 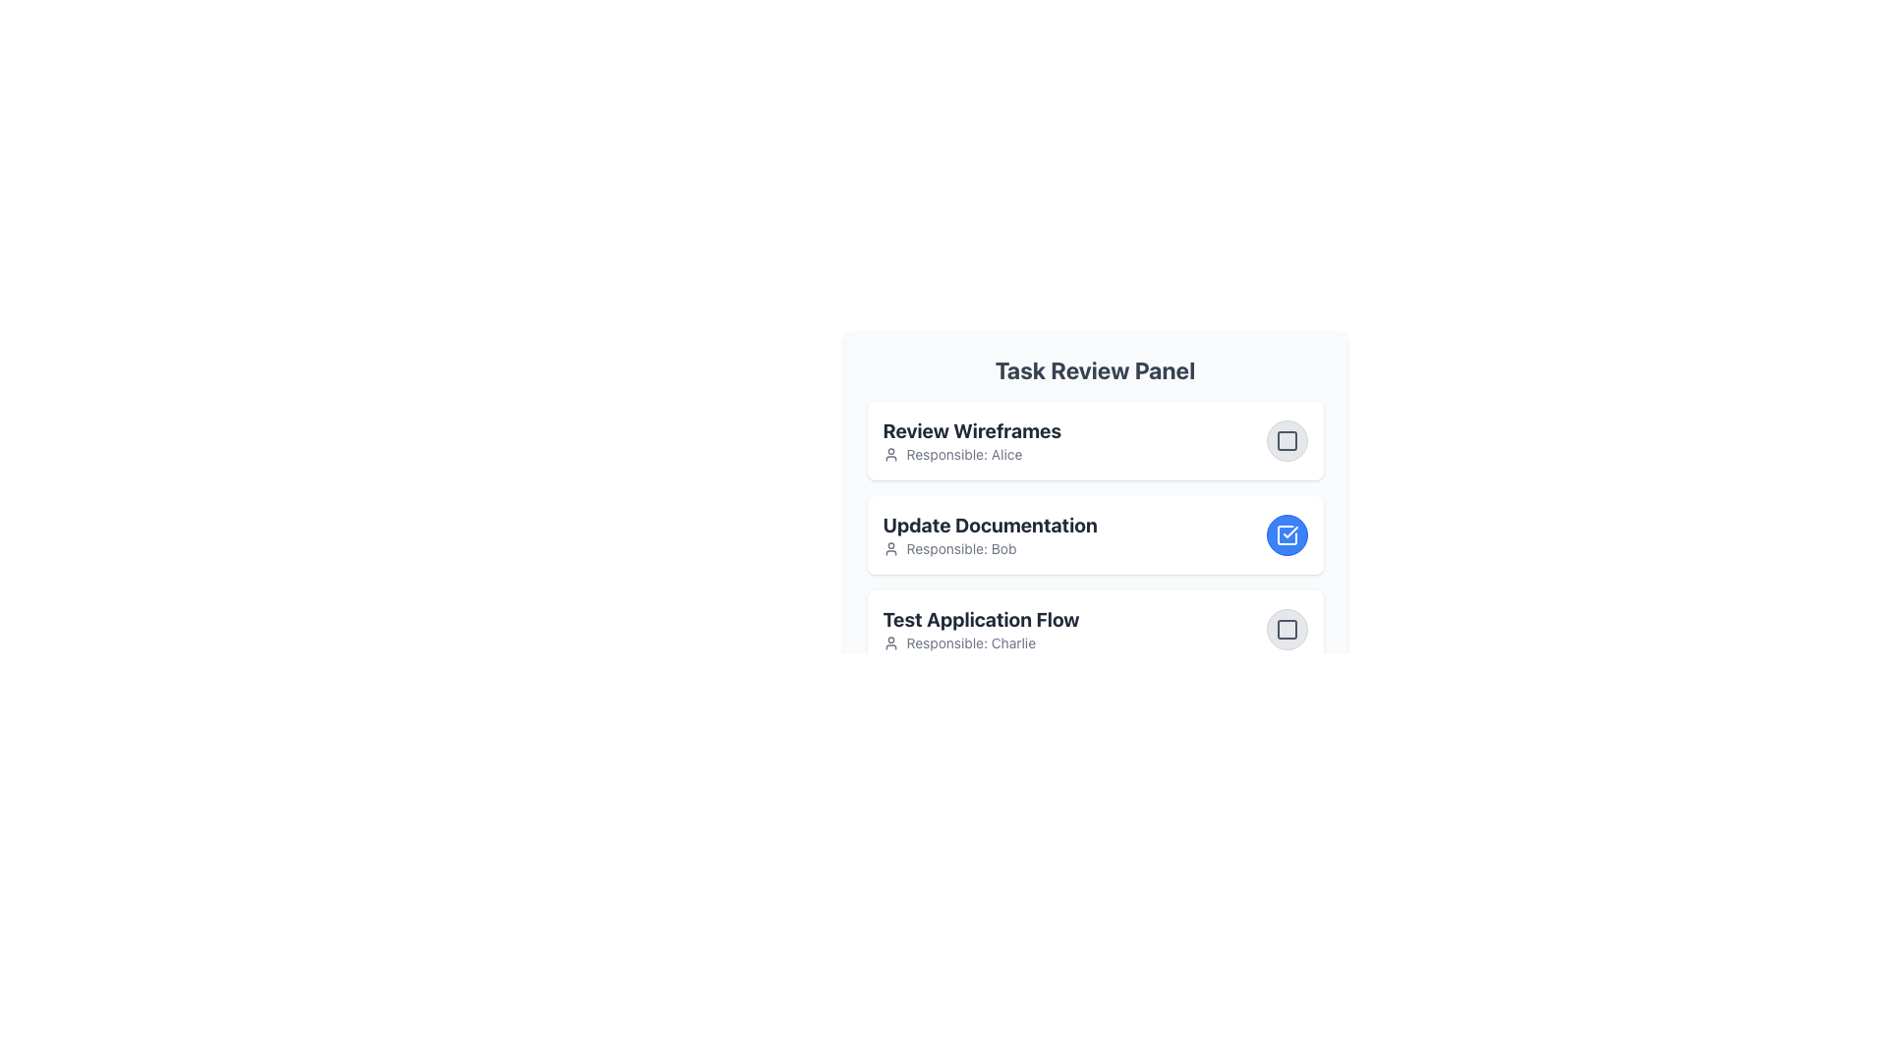 What do you see at coordinates (990, 534) in the screenshot?
I see `the second task entry in the 'Task Review Panel', which displays the task's title and the responsible person's name, positioned between 'Review Wireframes' and 'Test Application Flow'` at bounding box center [990, 534].